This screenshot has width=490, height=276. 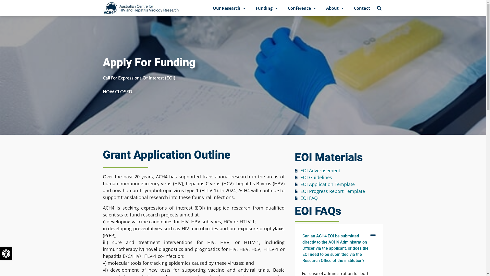 I want to click on 'Conference', so click(x=302, y=8).